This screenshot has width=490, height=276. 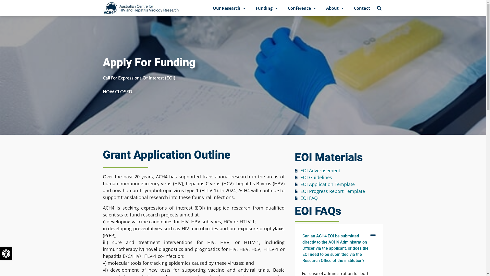 I want to click on 'Conference', so click(x=302, y=8).